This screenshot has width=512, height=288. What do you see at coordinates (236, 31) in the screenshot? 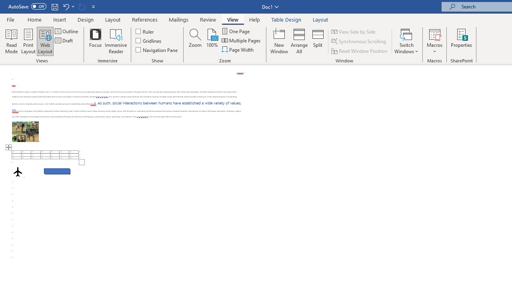
I see `'One Page'` at bounding box center [236, 31].